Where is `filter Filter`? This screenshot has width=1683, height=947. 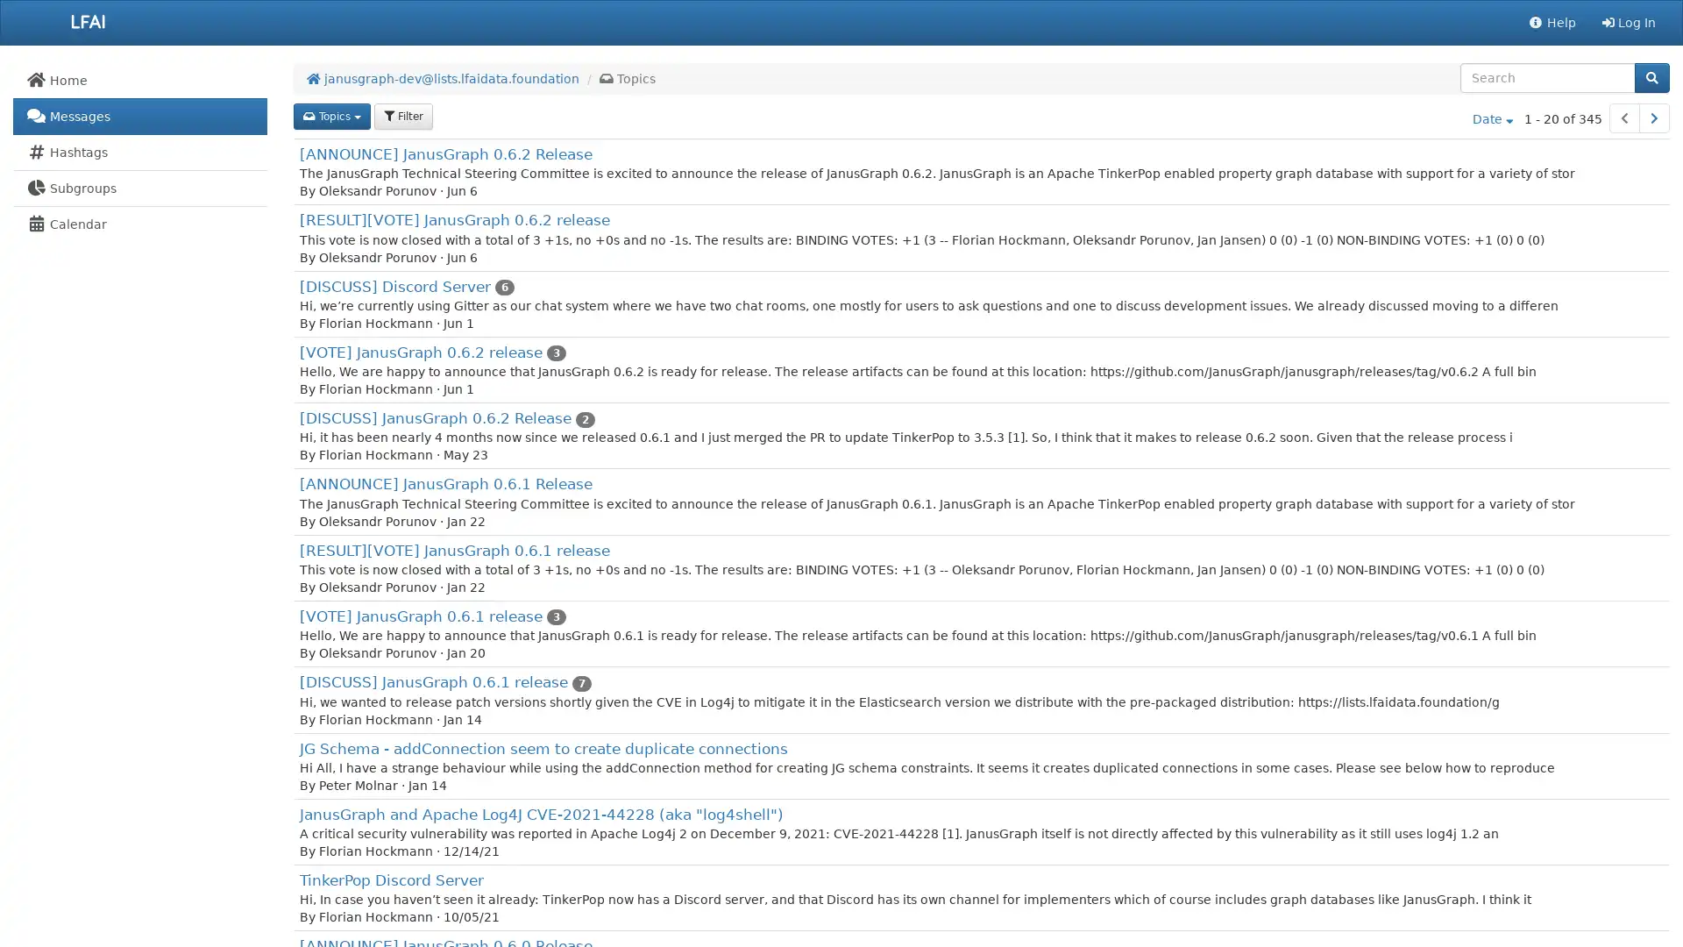
filter Filter is located at coordinates (401, 116).